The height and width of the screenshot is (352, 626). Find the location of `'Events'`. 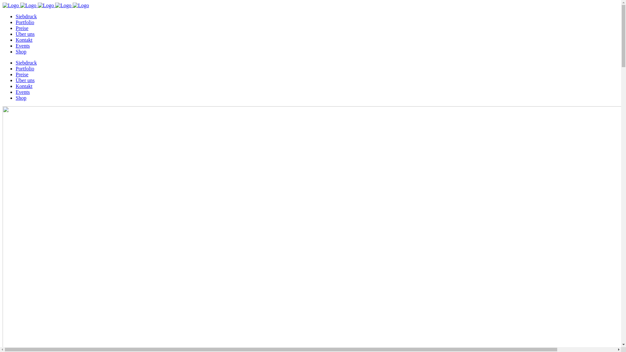

'Events' is located at coordinates (23, 92).